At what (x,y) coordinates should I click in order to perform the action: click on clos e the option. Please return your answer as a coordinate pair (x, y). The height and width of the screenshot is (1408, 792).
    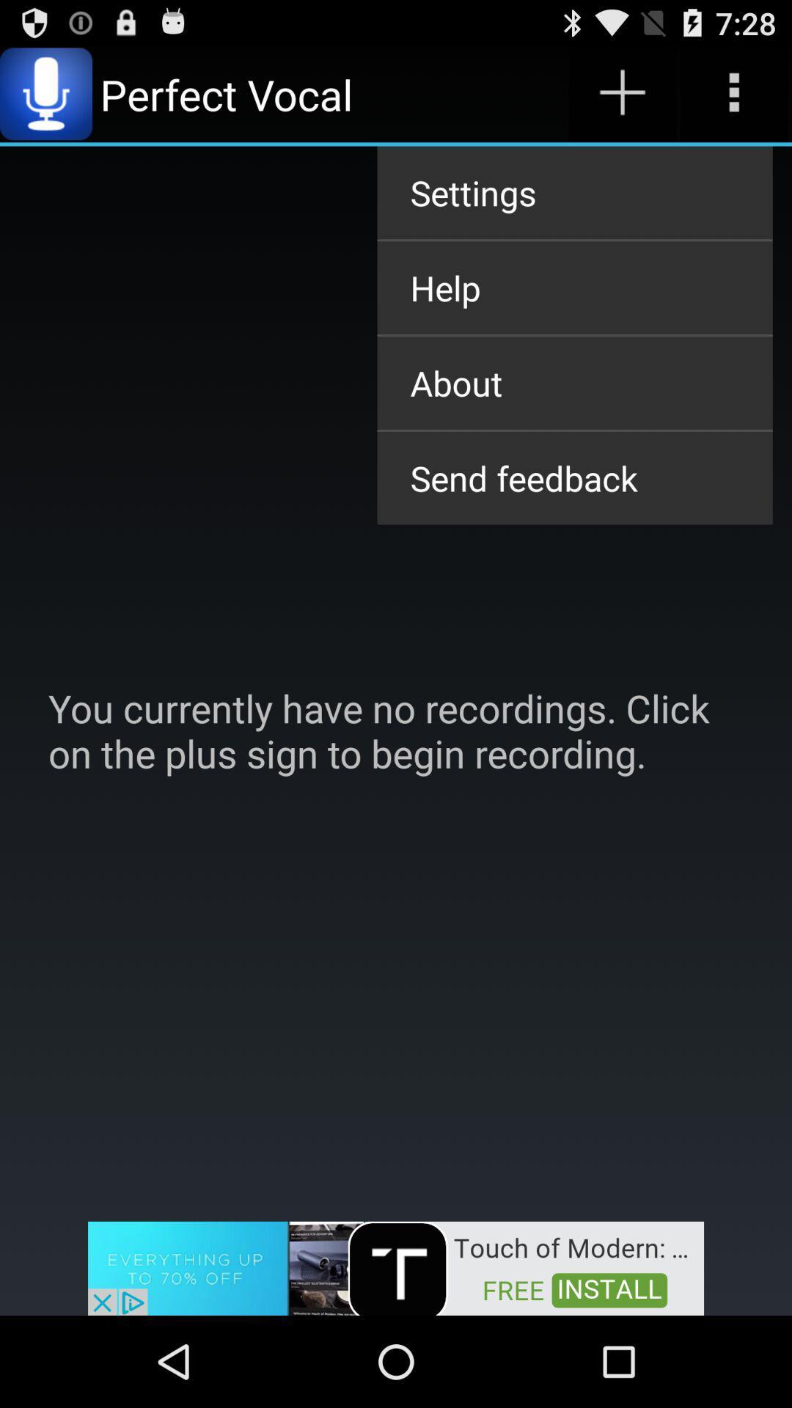
    Looking at the image, I should click on (396, 1266).